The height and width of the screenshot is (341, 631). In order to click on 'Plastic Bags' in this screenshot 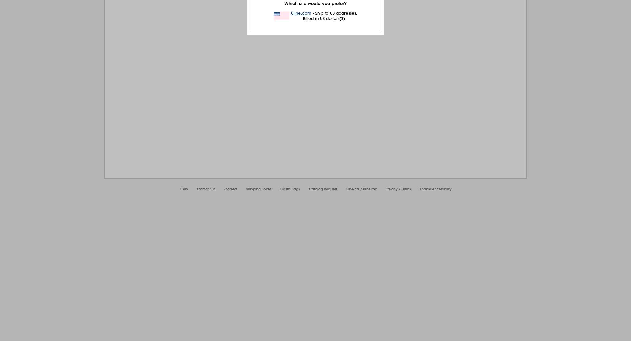, I will do `click(290, 189)`.